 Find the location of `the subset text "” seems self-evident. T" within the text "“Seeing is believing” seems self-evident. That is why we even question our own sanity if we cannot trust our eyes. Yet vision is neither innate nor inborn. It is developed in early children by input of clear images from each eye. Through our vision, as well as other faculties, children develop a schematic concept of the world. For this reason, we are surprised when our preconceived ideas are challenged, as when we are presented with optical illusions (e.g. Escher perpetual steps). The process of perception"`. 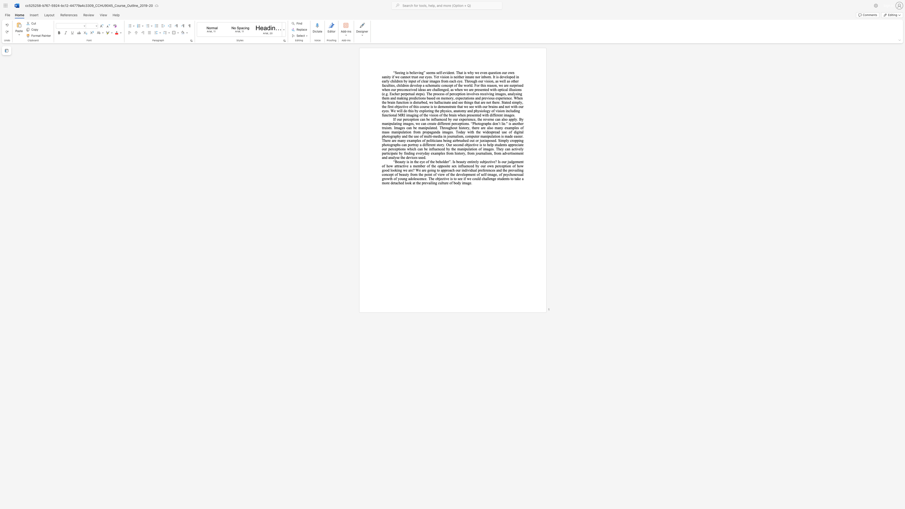

the subset text "” seems self-evident. T" within the text "“Seeing is believing” seems self-evident. That is why we even question our own sanity if we cannot trust our eyes. Yet vision is neither innate nor inborn. It is developed in early children by input of clear images from each eye. Through our vision, as well as other faculties, children develop a schematic concept of the world. For this reason, we are surprised when our preconceived ideas are challenged, as when we are presented with optical illusions (e.g. Escher perpetual steps). The process of perception" is located at coordinates (423, 72).